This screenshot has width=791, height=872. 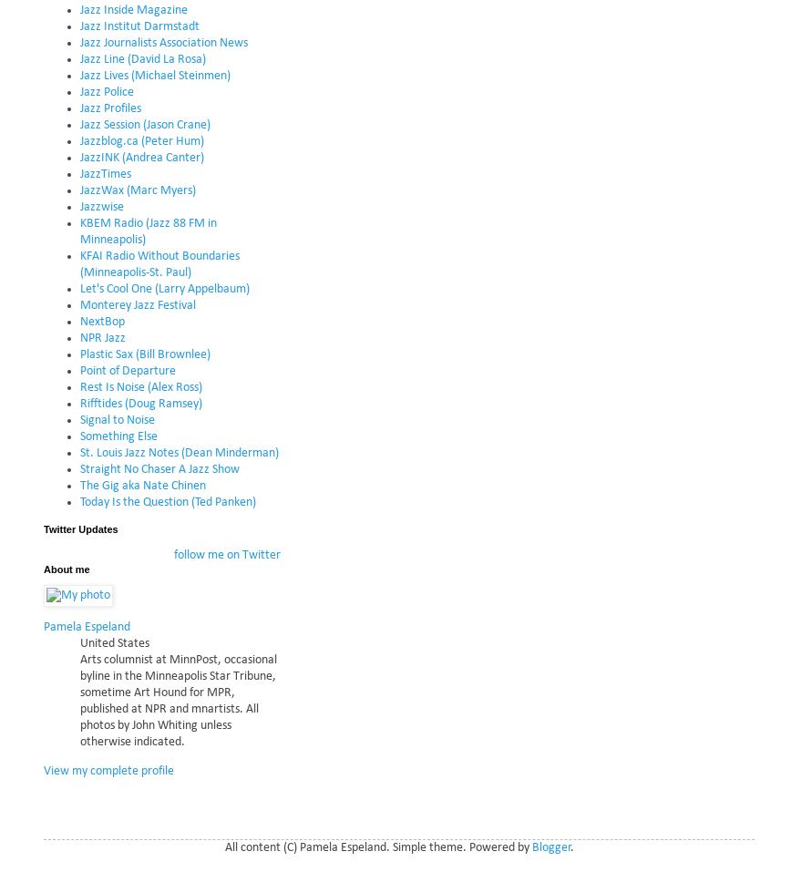 What do you see at coordinates (178, 699) in the screenshot?
I see `'Arts columnist at MinnPost, occasional byline in the Minneapolis Star Tribune, sometime Art Hound for MPR, published at NPR and mnartists. All photos by John Whiting unless otherwise indicated.'` at bounding box center [178, 699].